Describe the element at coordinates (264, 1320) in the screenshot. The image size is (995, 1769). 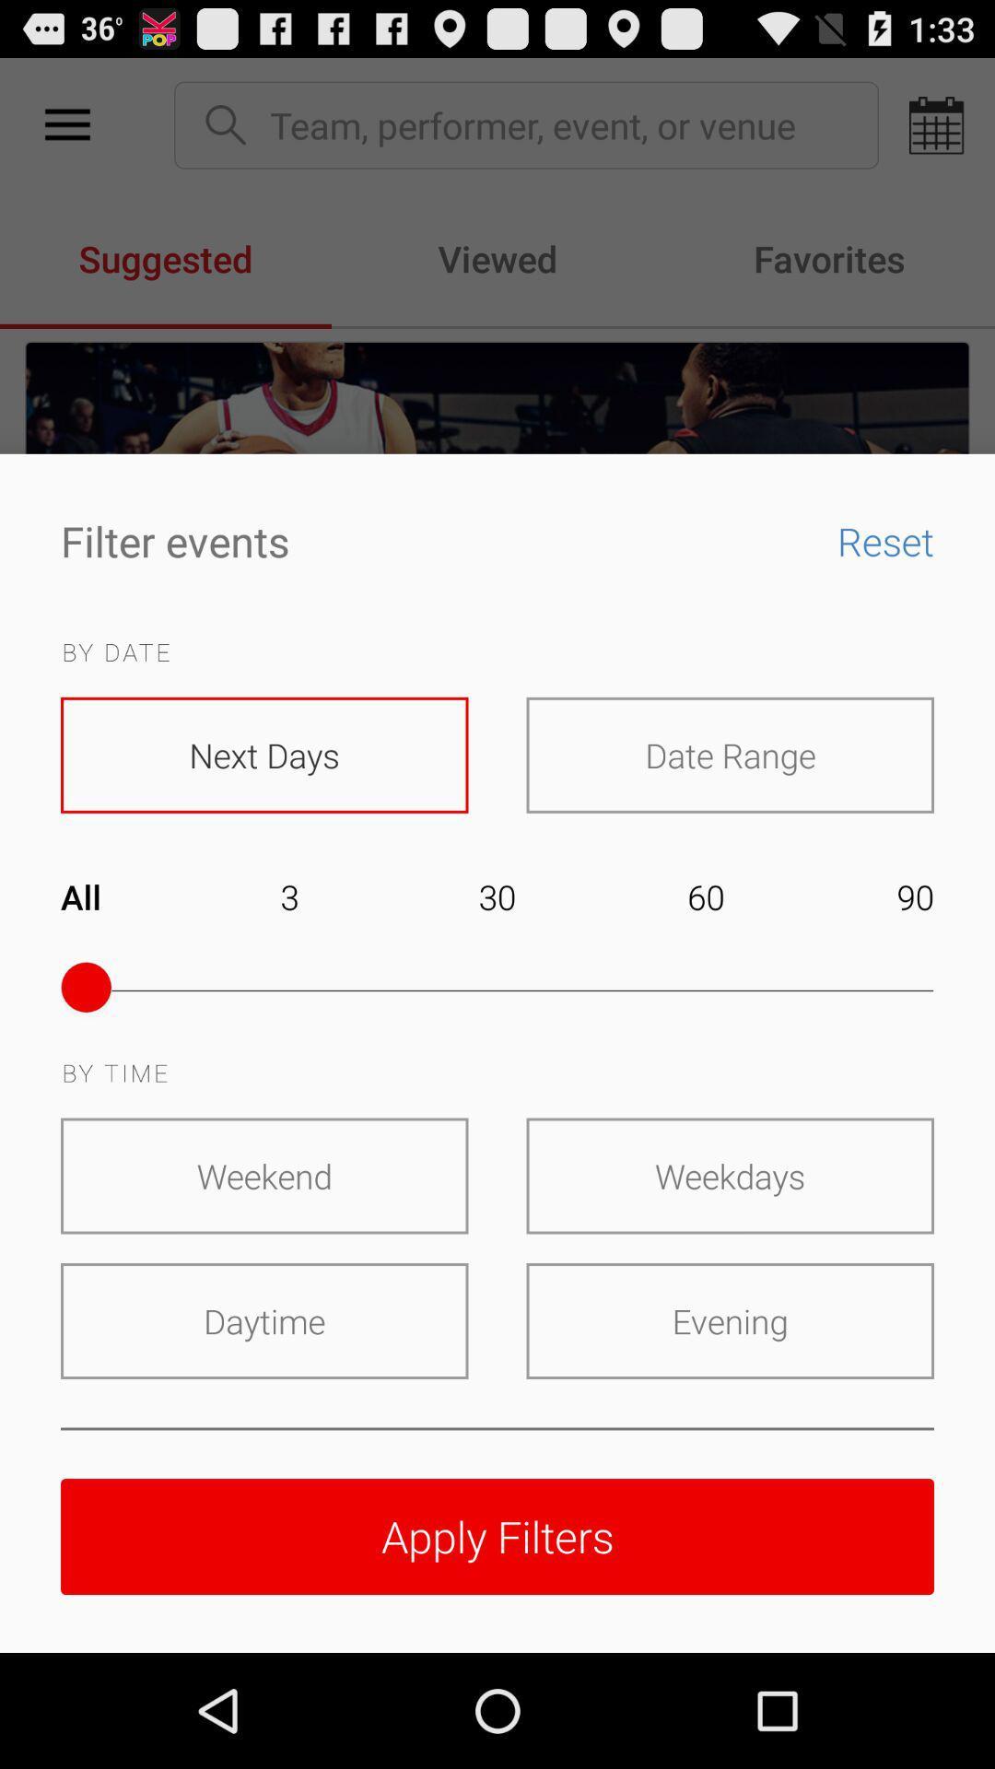
I see `icon below the weekend icon` at that location.